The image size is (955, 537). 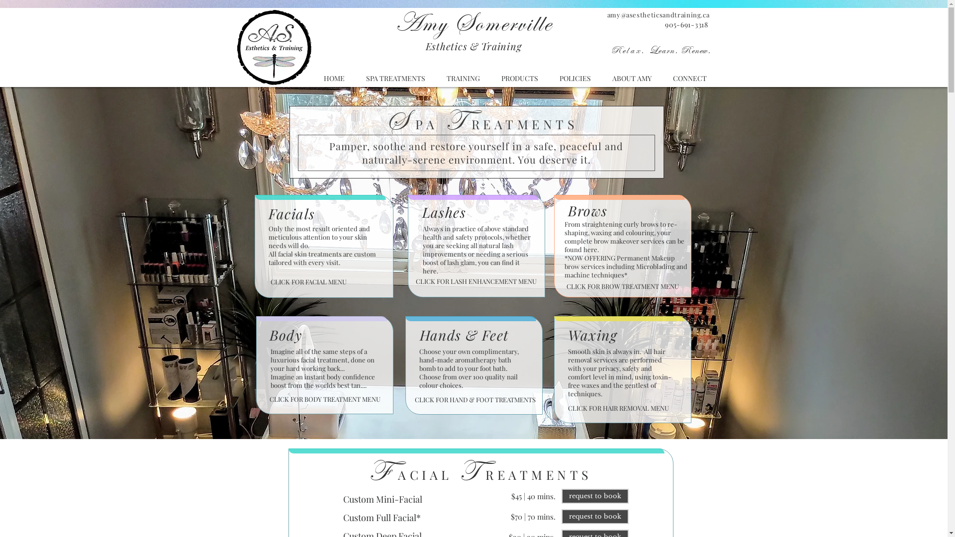 What do you see at coordinates (659, 14) in the screenshot?
I see `'amy@asestheticsandtraining.ca'` at bounding box center [659, 14].